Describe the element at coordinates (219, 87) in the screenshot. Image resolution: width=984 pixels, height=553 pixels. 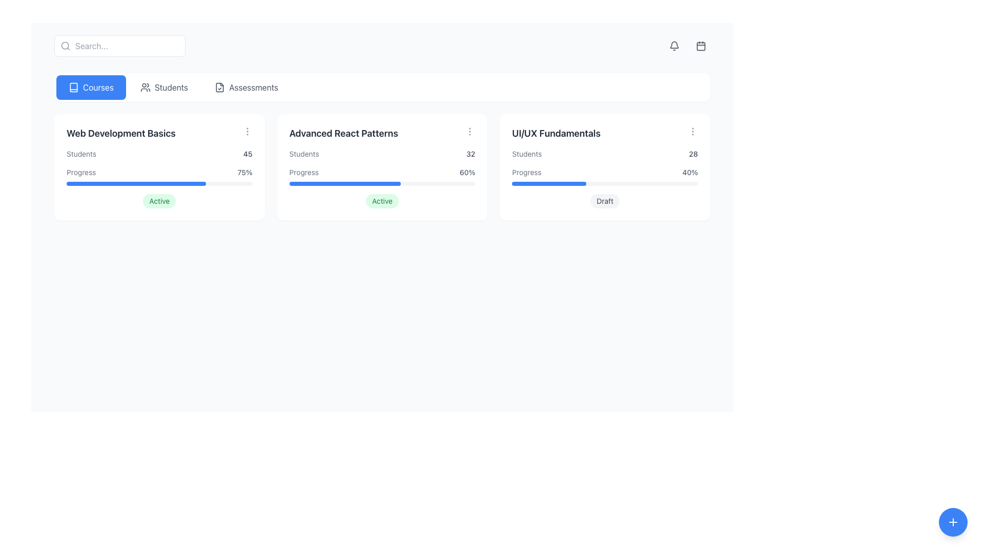
I see `the 'Assessments' icon located in the top center of the navigation bar` at that location.